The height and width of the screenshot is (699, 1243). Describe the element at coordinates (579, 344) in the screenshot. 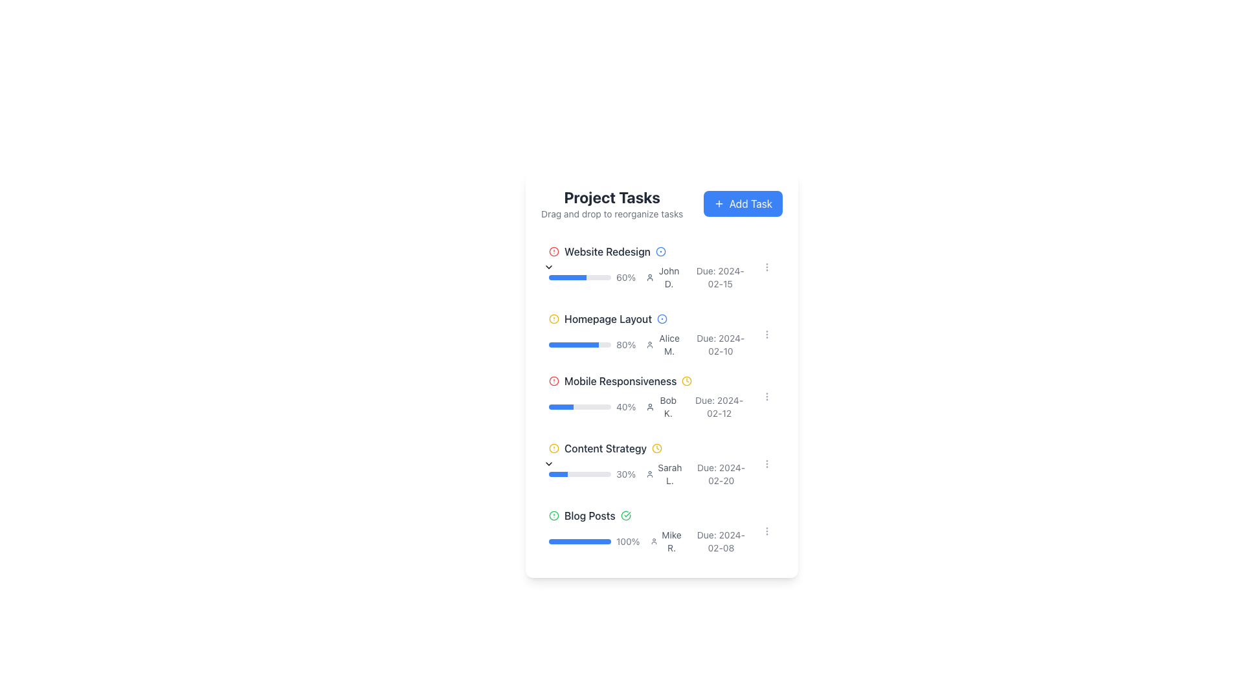

I see `the rectangular progress bar with a gray background and blue-filled portion, positioned in the left portion of the horizontal group next to the '80%' percentage value` at that location.